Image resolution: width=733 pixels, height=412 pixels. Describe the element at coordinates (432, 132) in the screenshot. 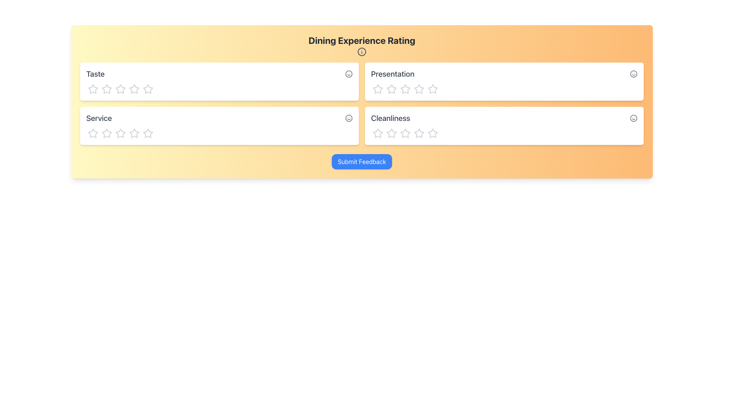

I see `the fourth star-shaped graphical icon in the rating system under the 'Cleanliness' category` at that location.